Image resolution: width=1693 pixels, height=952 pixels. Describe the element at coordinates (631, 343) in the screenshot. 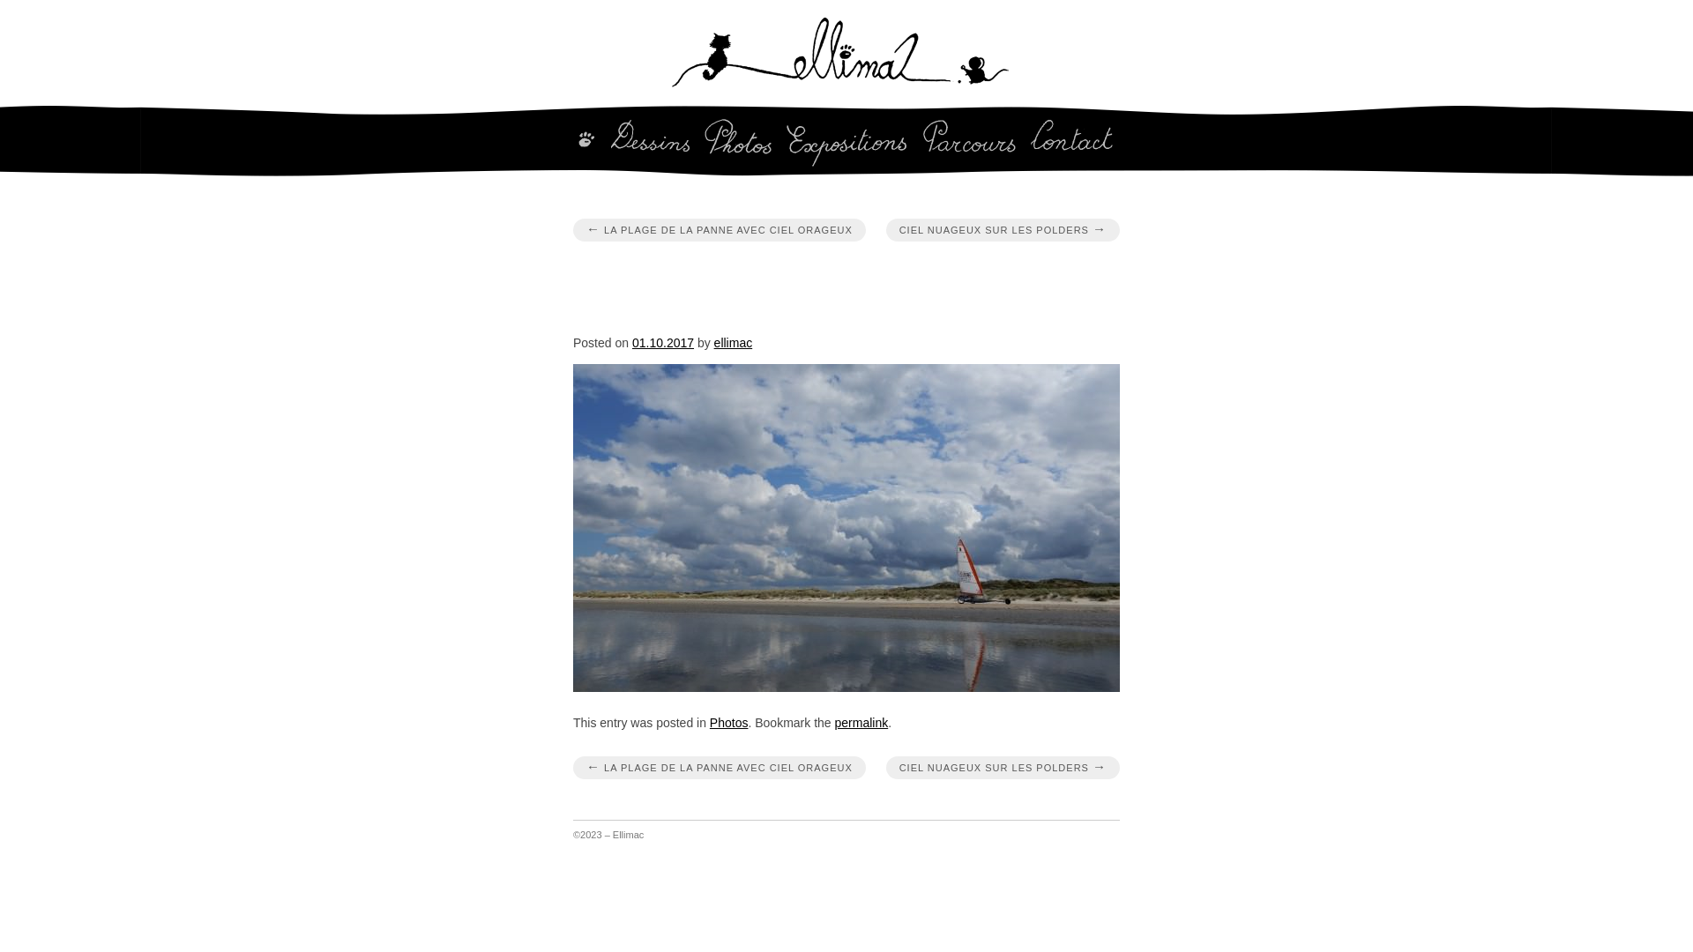

I see `'01.10.2017'` at that location.